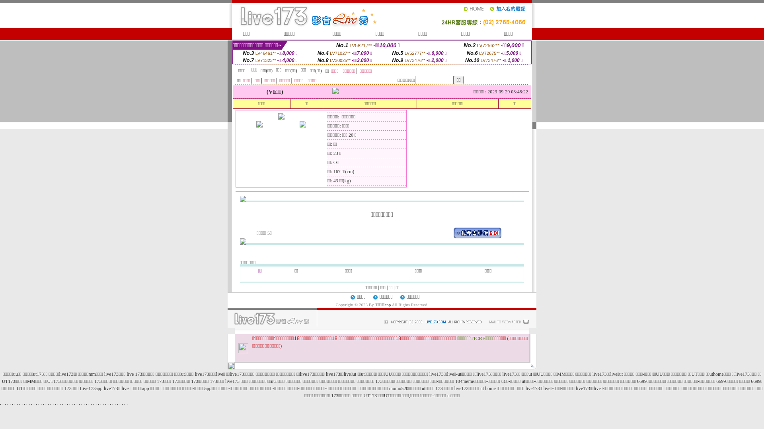 The width and height of the screenshot is (764, 429). I want to click on '.', so click(91, 403).